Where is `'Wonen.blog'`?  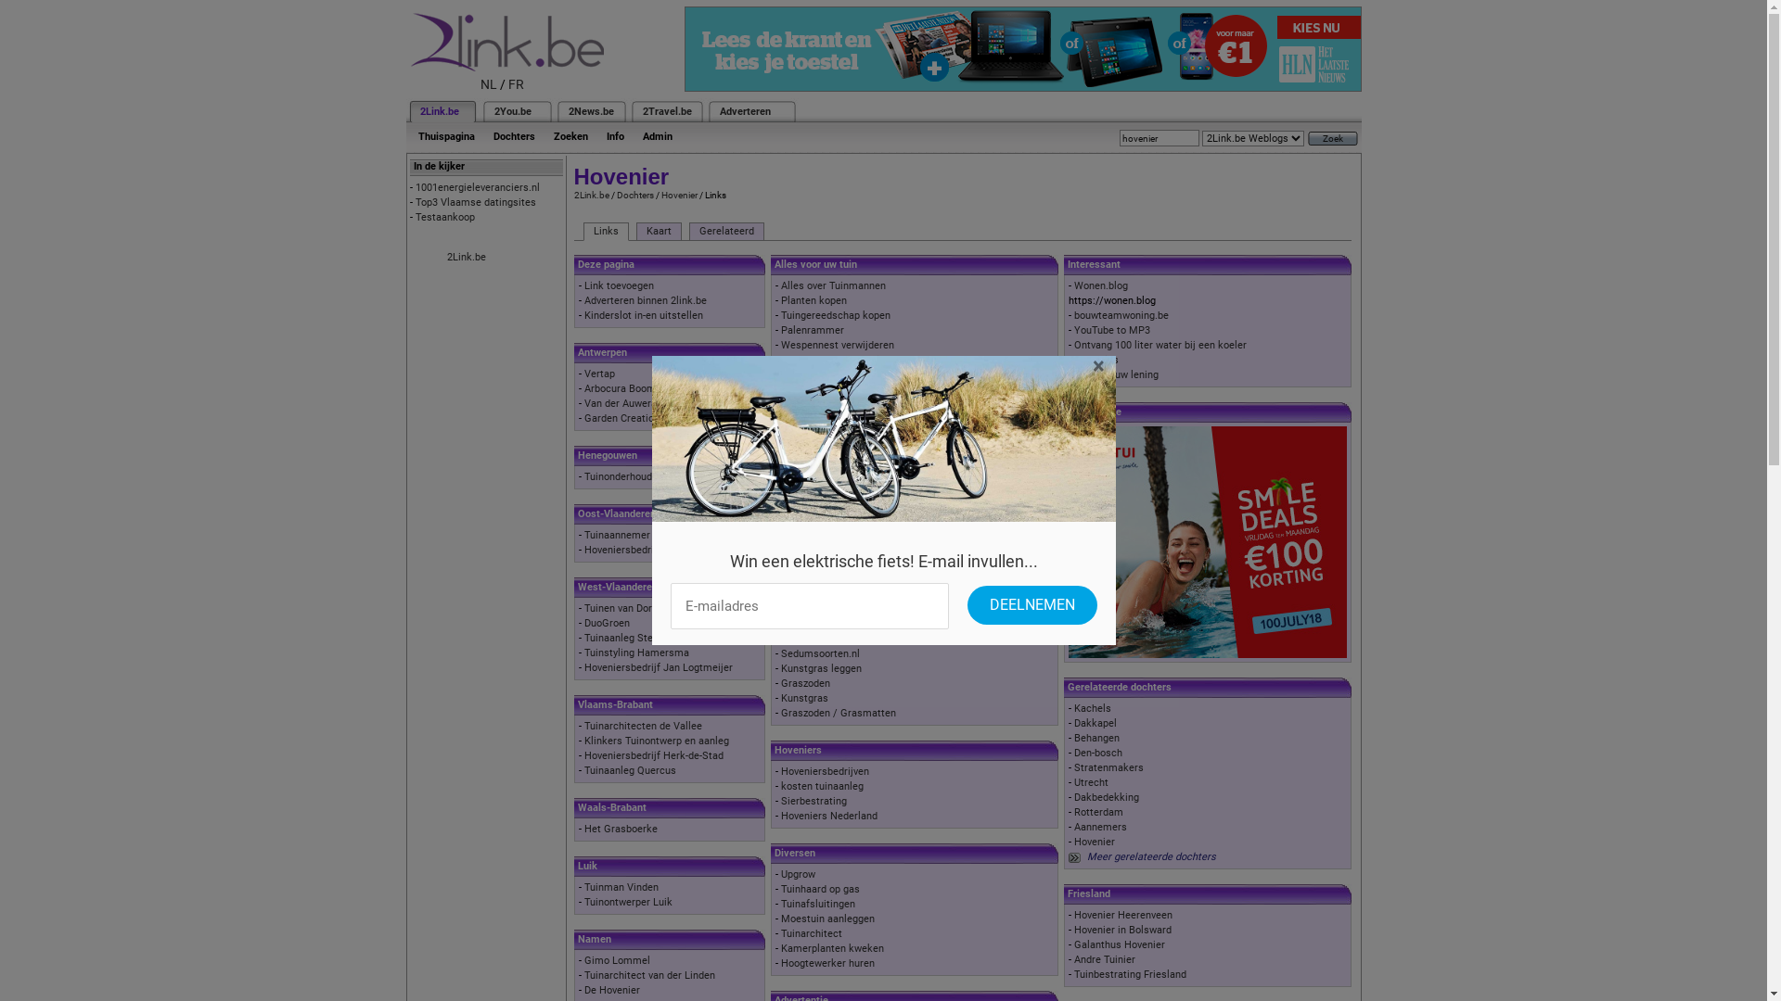
'Wonen.blog' is located at coordinates (1100, 285).